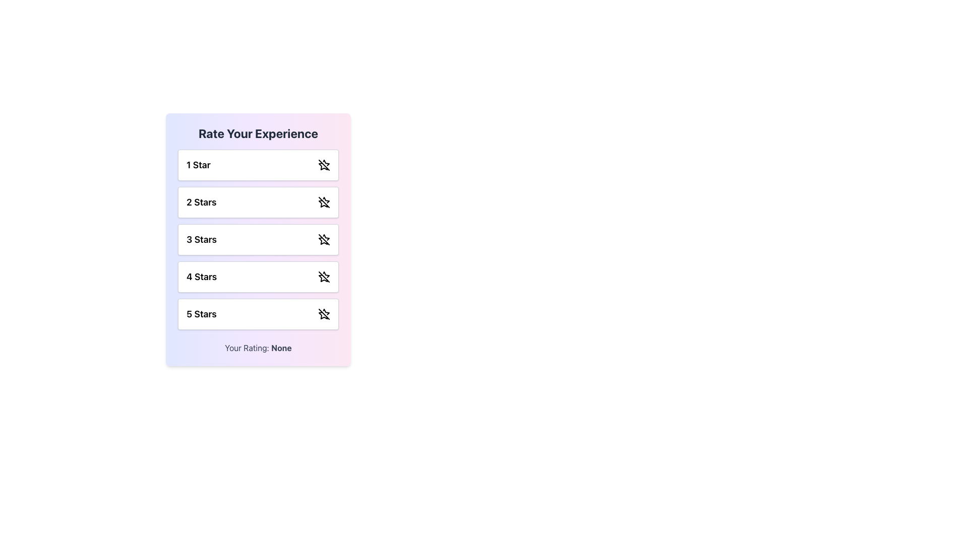 The width and height of the screenshot is (968, 544). I want to click on the '3 Stars' static text label within the button-like card, so click(201, 239).